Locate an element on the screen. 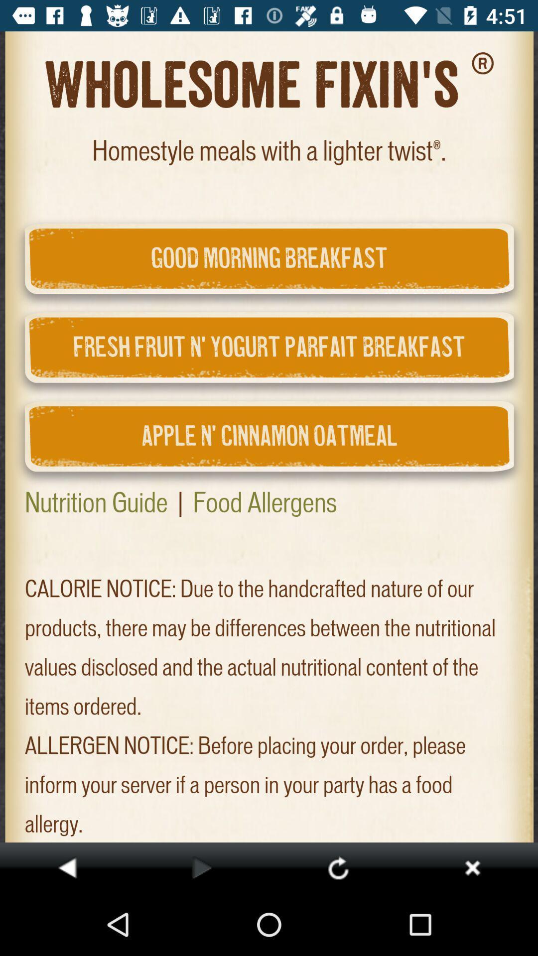 Image resolution: width=538 pixels, height=956 pixels. this button backspace is located at coordinates (67, 867).